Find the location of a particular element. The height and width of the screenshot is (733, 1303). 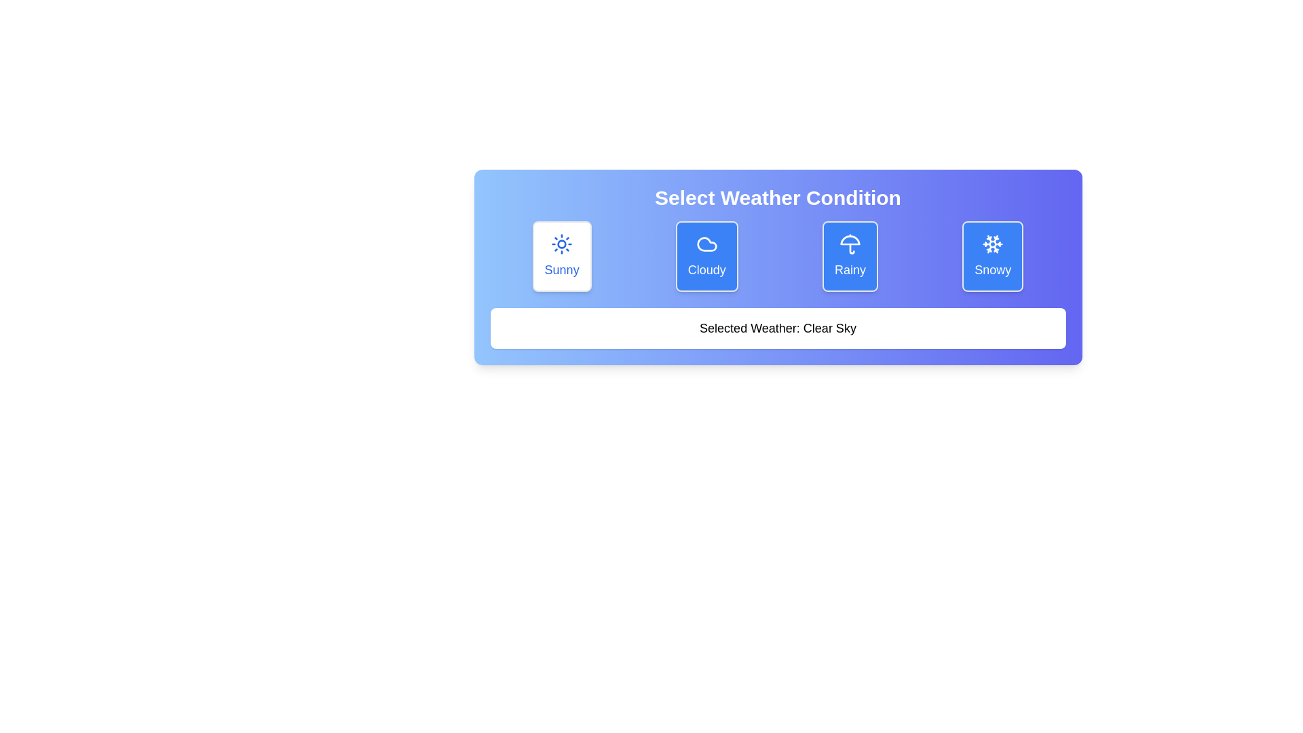

the cloud icon representing the 'Cloudy' weather condition, which is the second item in the weather selection row is located at coordinates (706, 243).